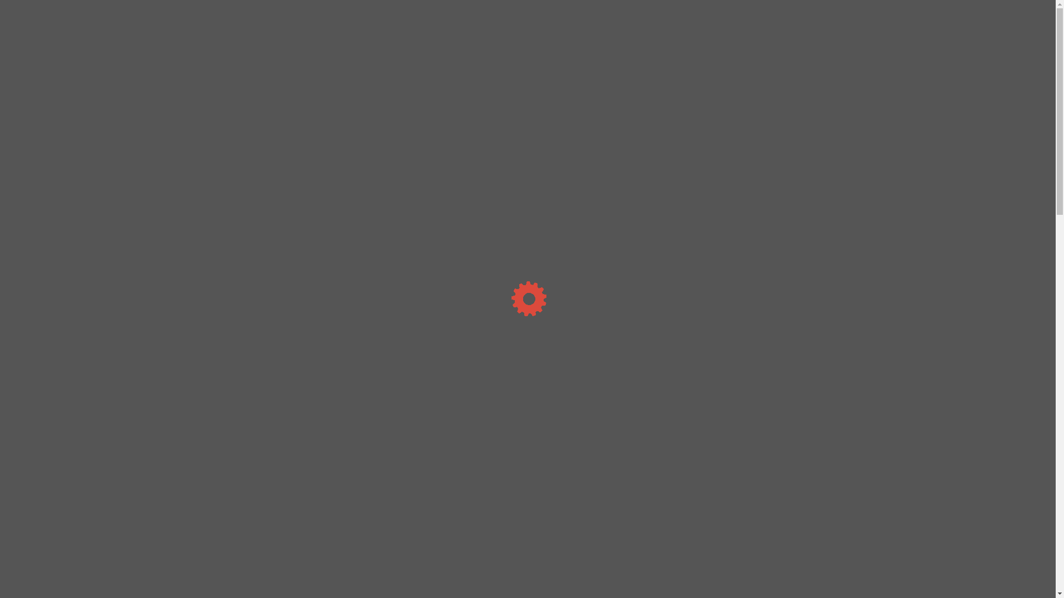  Describe the element at coordinates (258, 15) in the screenshot. I see `'ENGINES.BY'` at that location.